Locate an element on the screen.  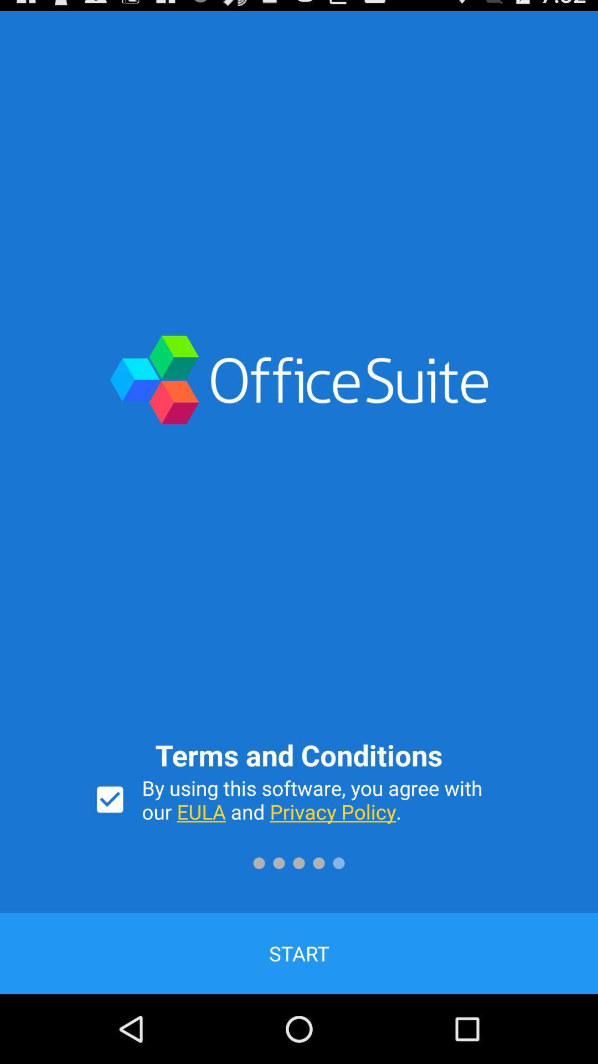
the item to the left of by using this item is located at coordinates (110, 800).